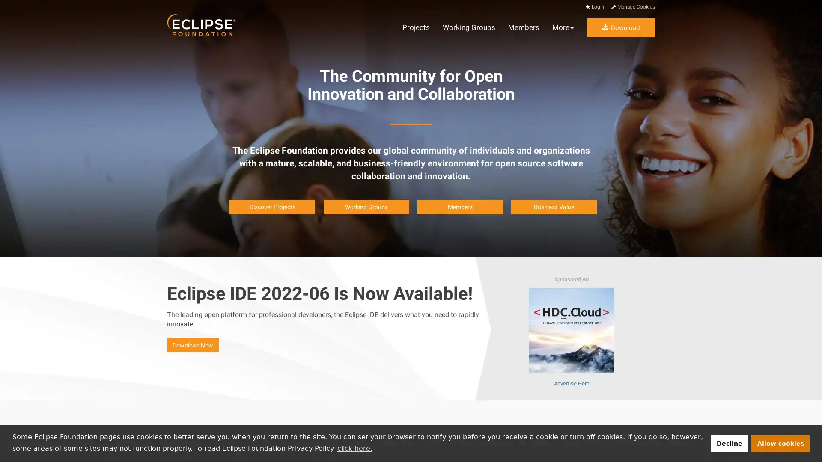 This screenshot has width=822, height=462. What do you see at coordinates (729, 443) in the screenshot?
I see `deny cookies` at bounding box center [729, 443].